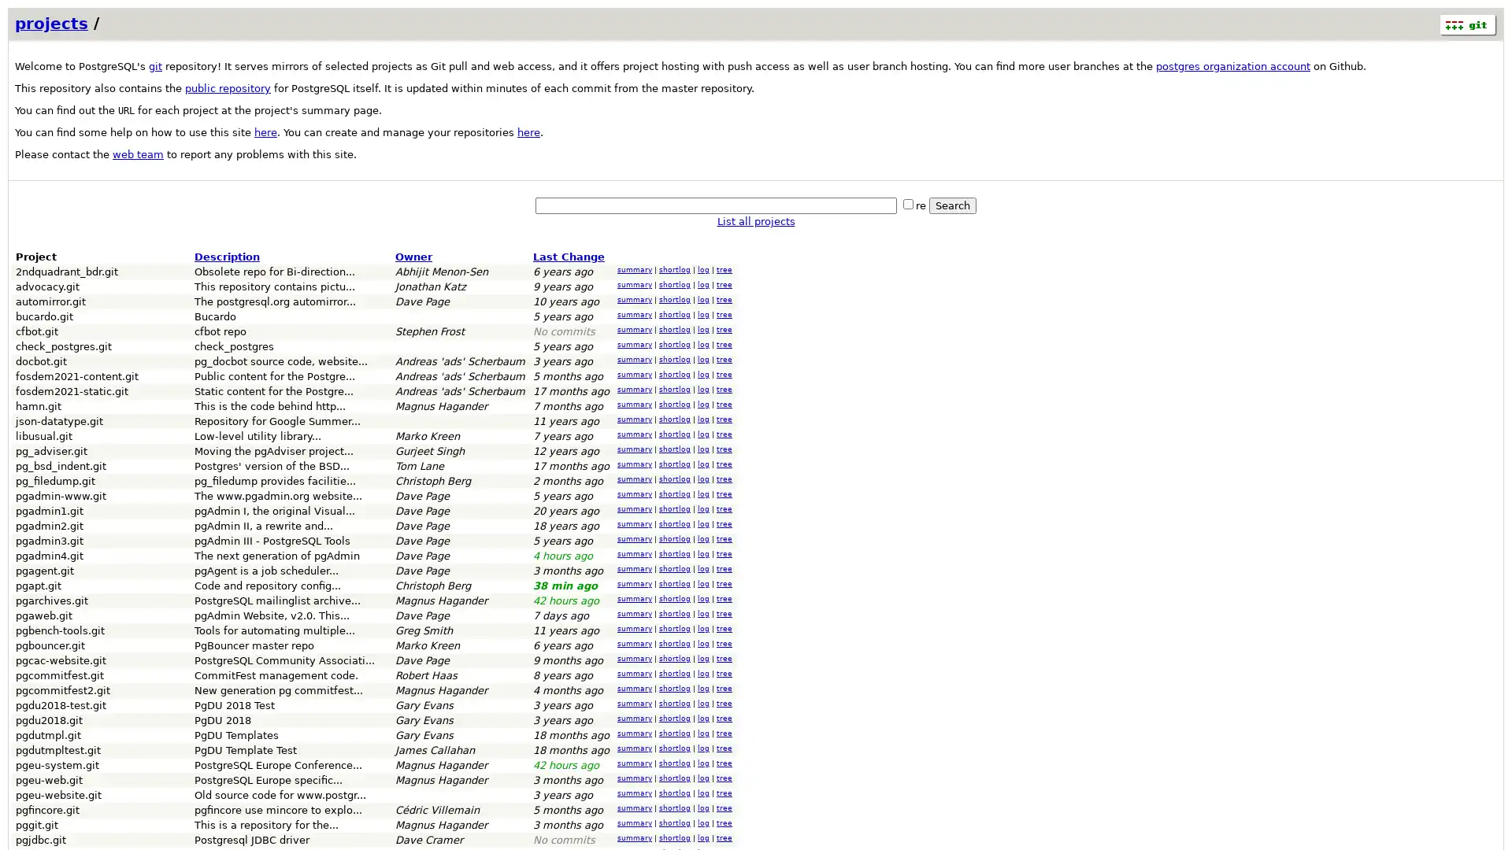 The image size is (1512, 850). Describe the element at coordinates (951, 205) in the screenshot. I see `Search` at that location.